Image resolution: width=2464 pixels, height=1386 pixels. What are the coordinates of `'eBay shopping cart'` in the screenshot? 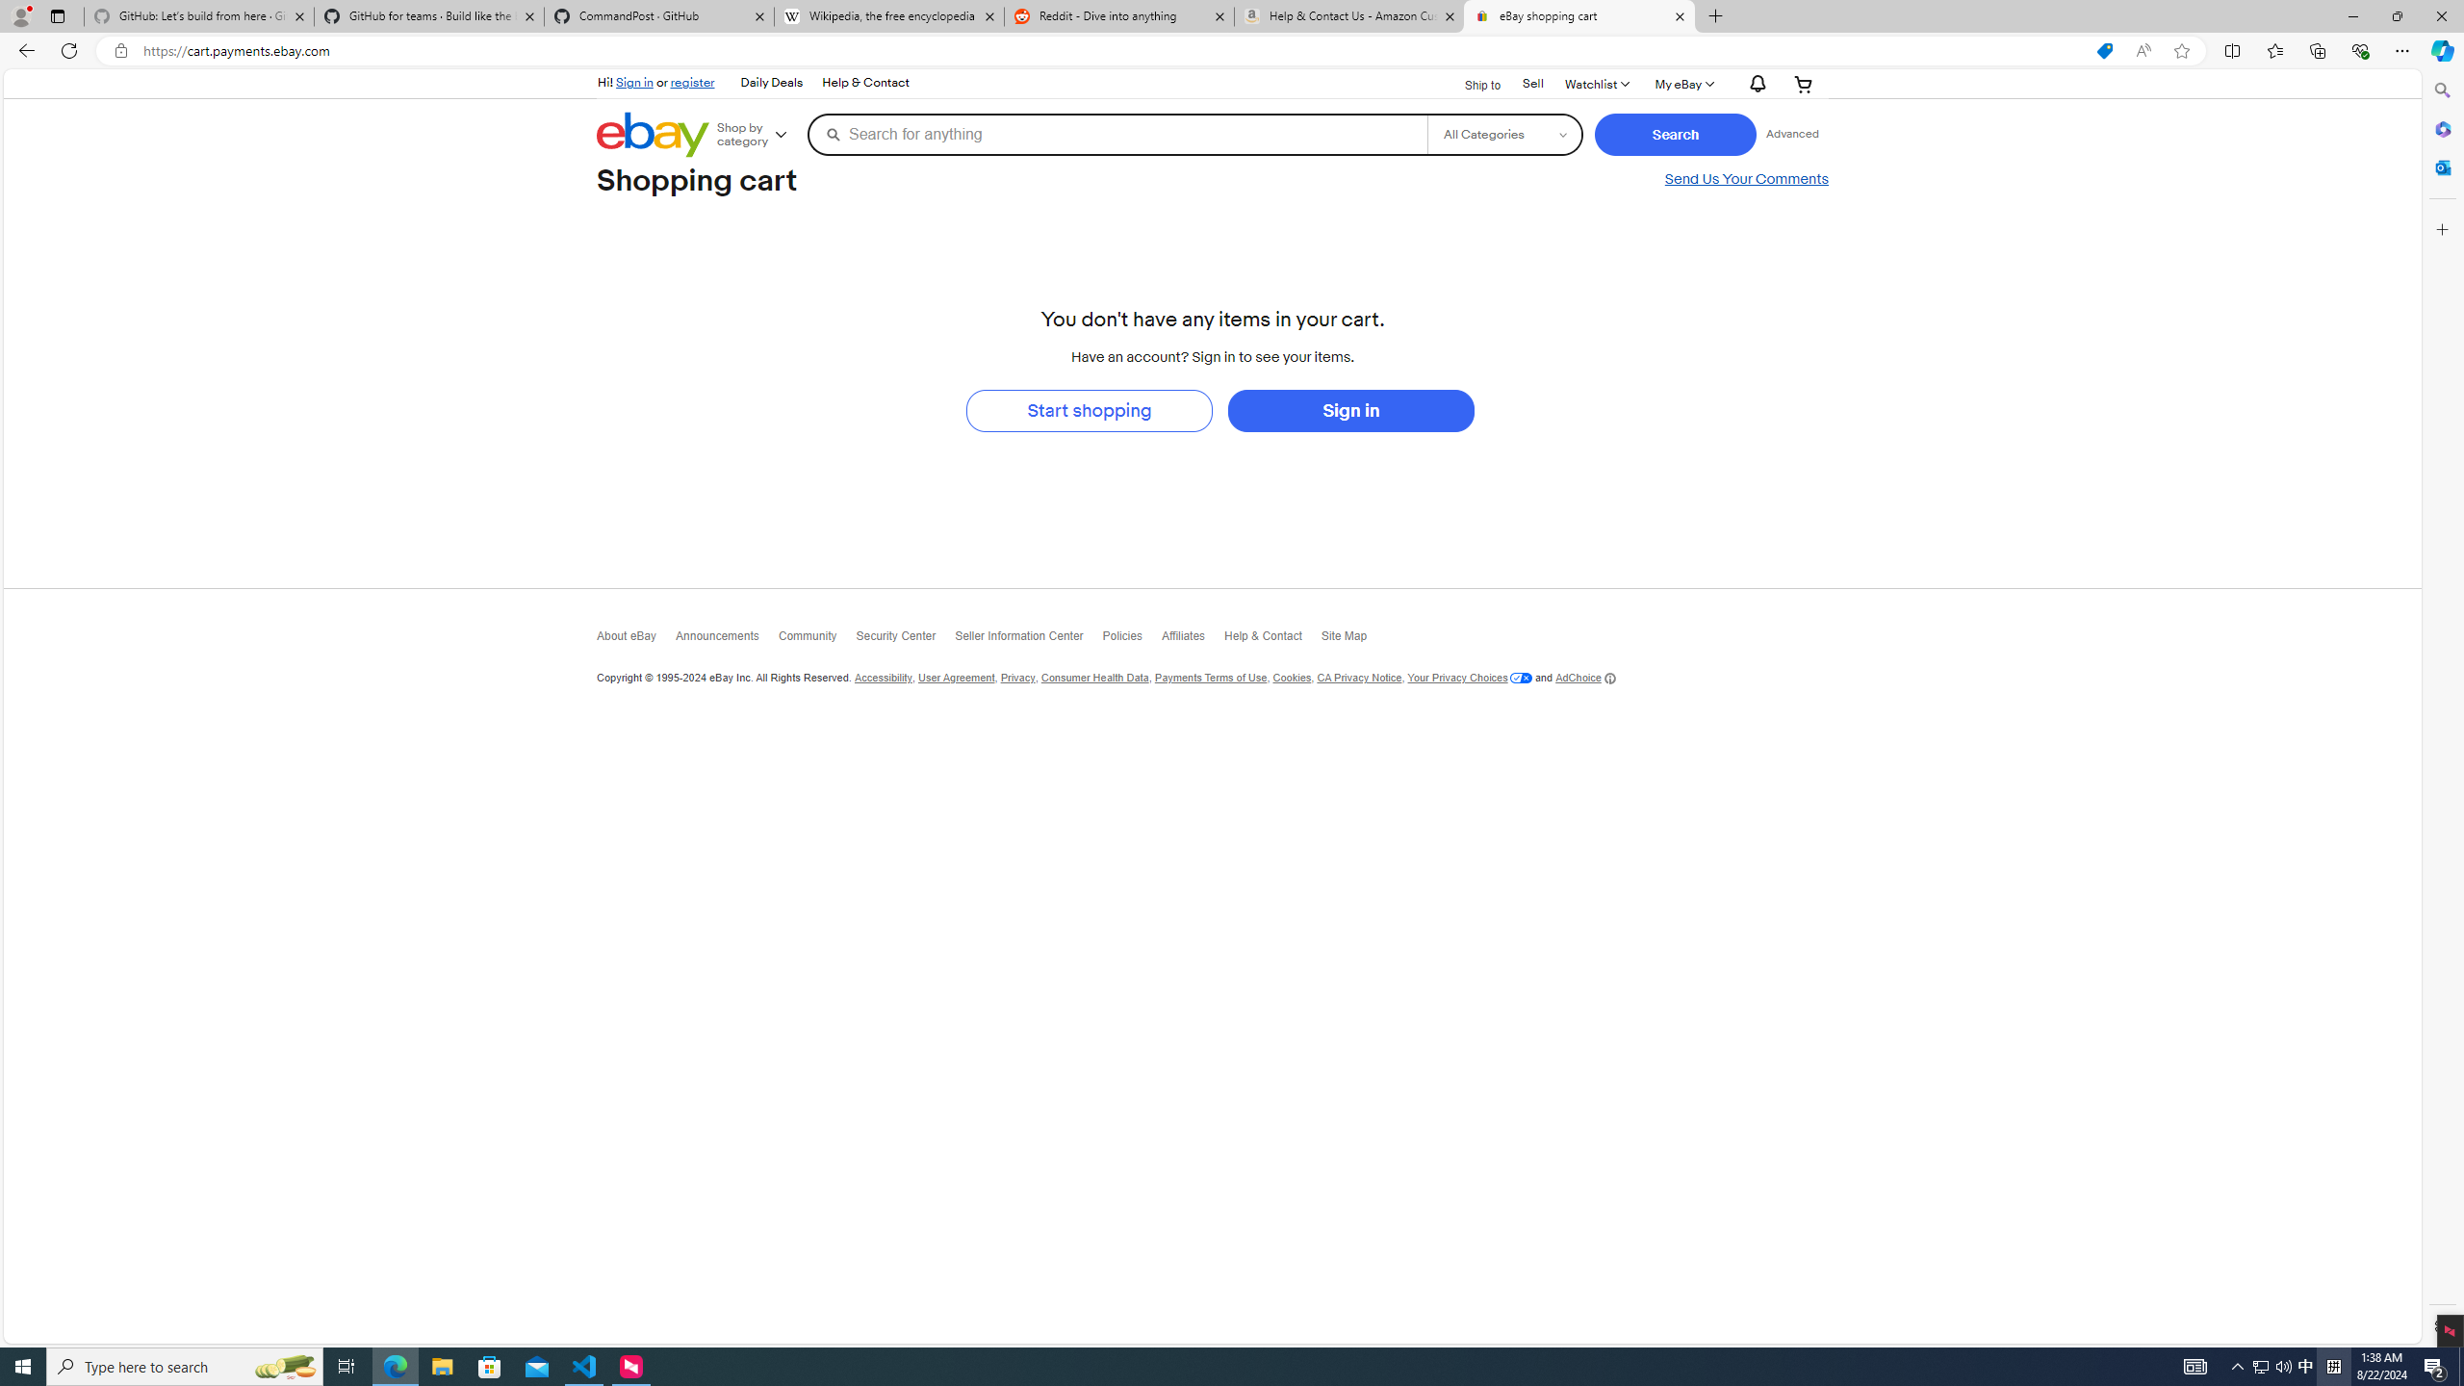 It's located at (1578, 15).